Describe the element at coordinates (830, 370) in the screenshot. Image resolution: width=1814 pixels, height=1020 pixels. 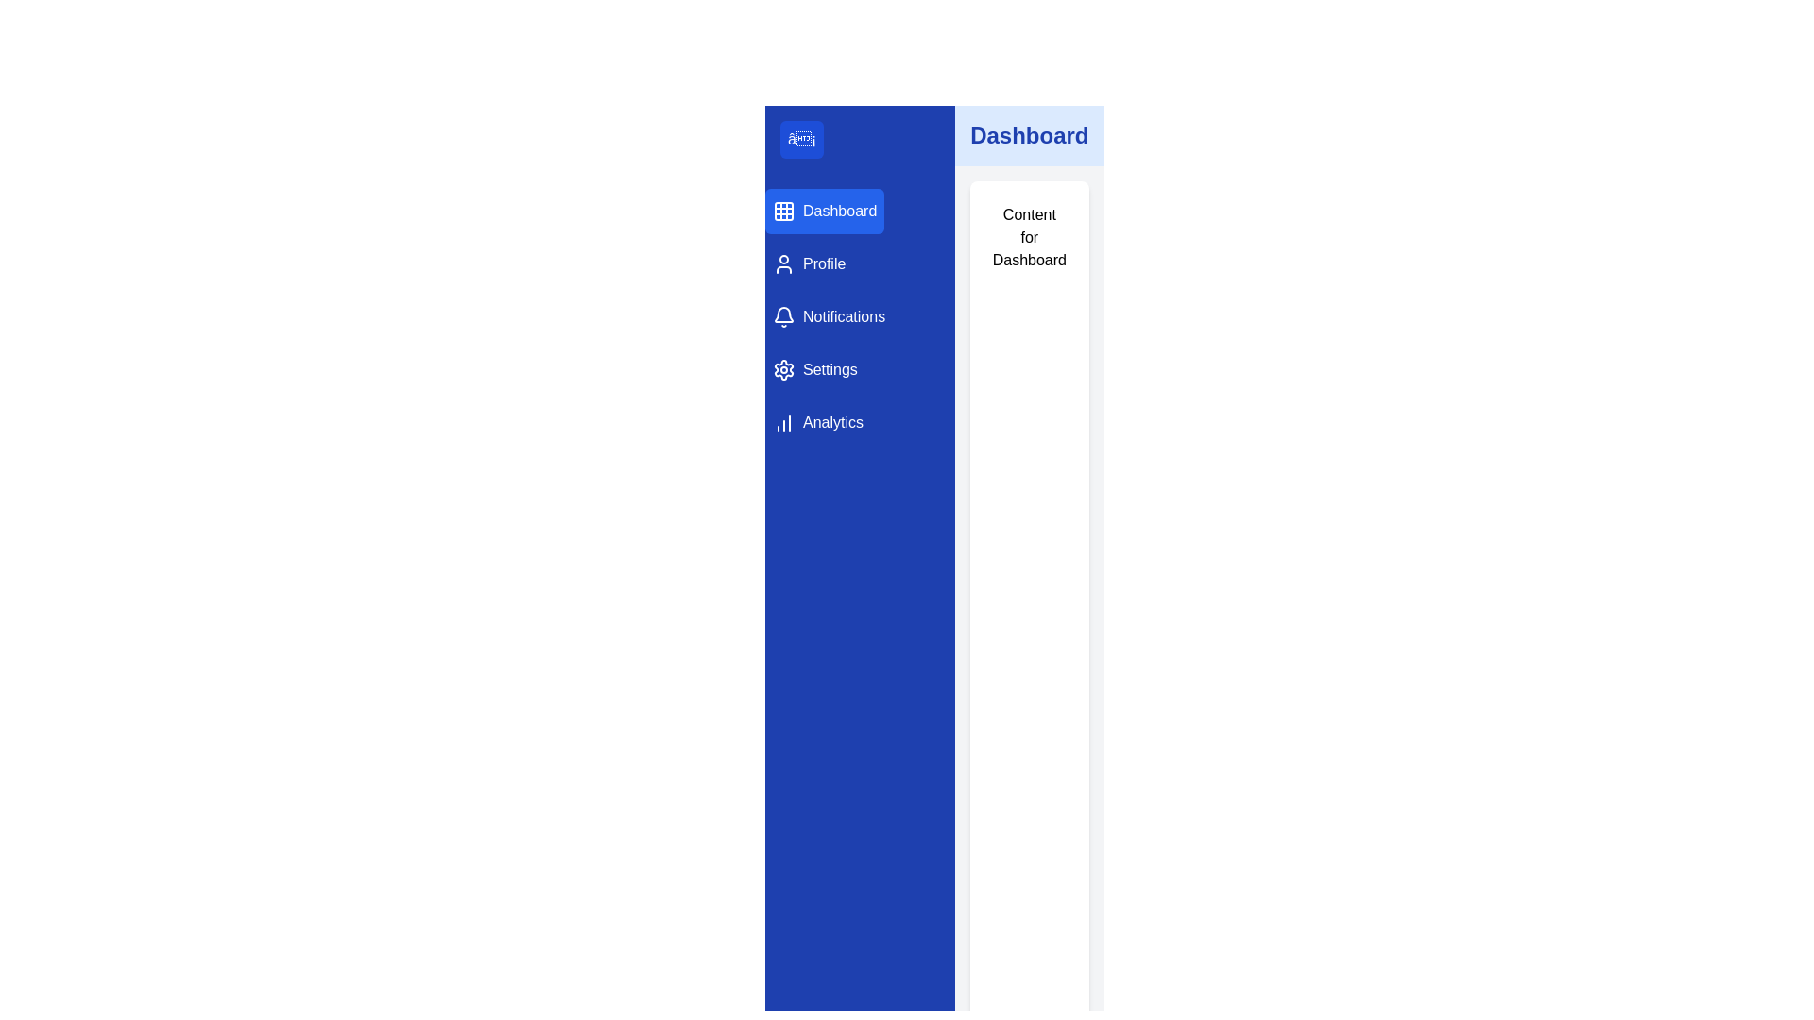
I see `text label 'Settings' which is styled in white color against a blue background, positioned in the vertical navigation bar on the left side of the interface, specifically the fourth item in the menu below 'Notifications' and above 'Analytics.'` at that location.